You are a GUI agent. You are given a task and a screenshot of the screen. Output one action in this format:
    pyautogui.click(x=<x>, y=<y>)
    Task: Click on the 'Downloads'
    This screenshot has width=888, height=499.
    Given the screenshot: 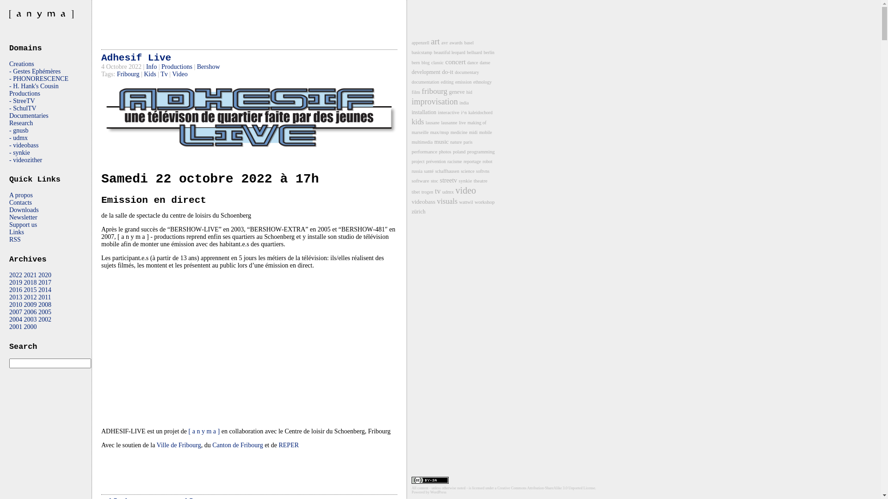 What is the action you would take?
    pyautogui.click(x=24, y=210)
    